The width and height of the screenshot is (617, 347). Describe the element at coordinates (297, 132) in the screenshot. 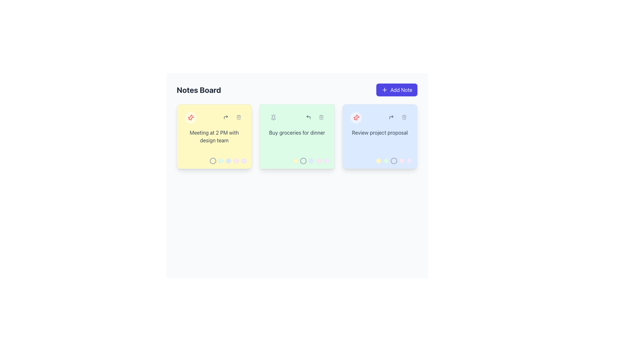

I see `the static text label displaying 'Buy groceries for dinner' which is centrally located in the second note card of the Notes Board section` at that location.